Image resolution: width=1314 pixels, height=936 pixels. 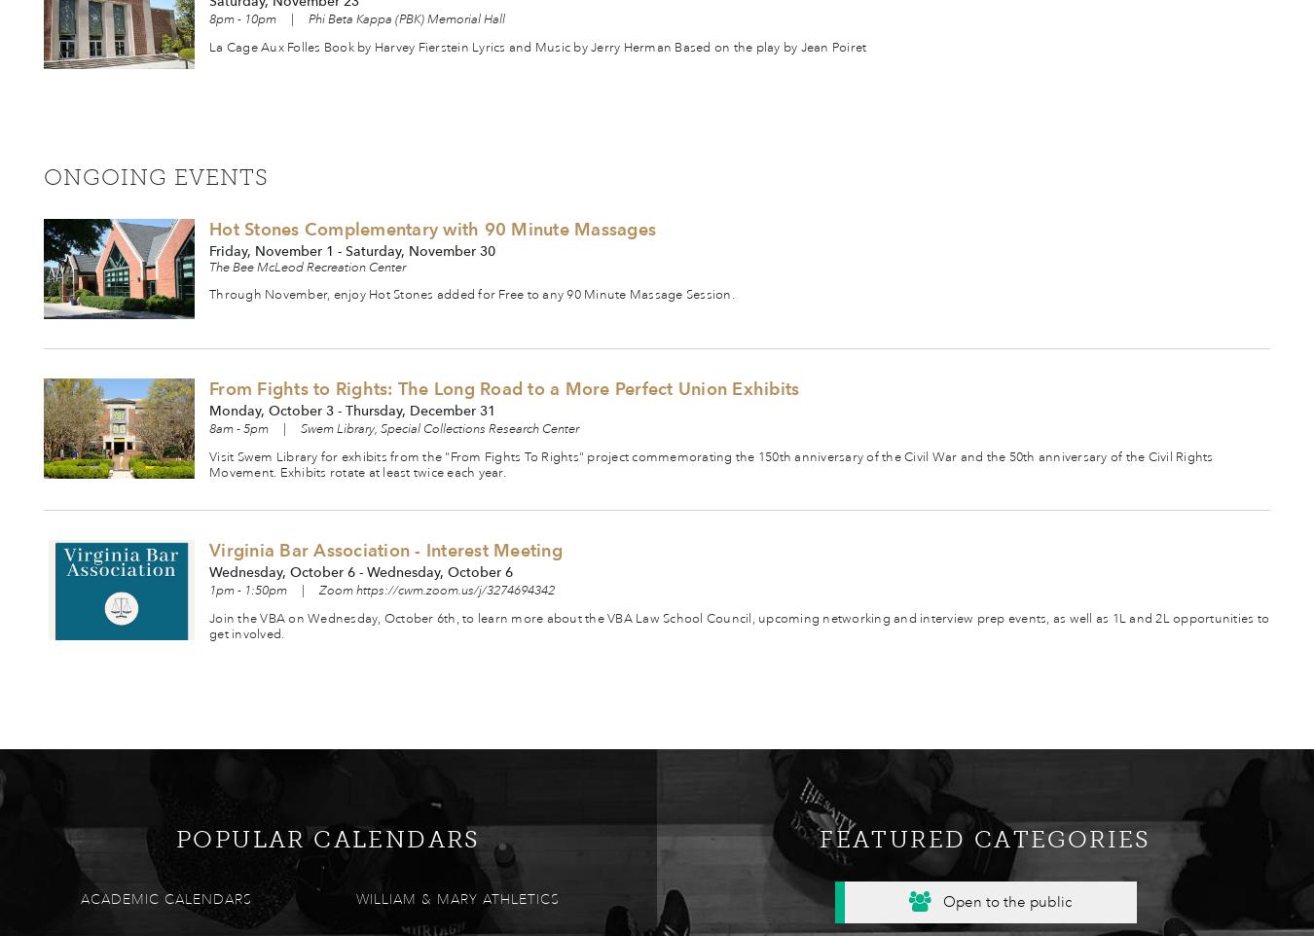 What do you see at coordinates (1007, 901) in the screenshot?
I see `'Open to the public'` at bounding box center [1007, 901].